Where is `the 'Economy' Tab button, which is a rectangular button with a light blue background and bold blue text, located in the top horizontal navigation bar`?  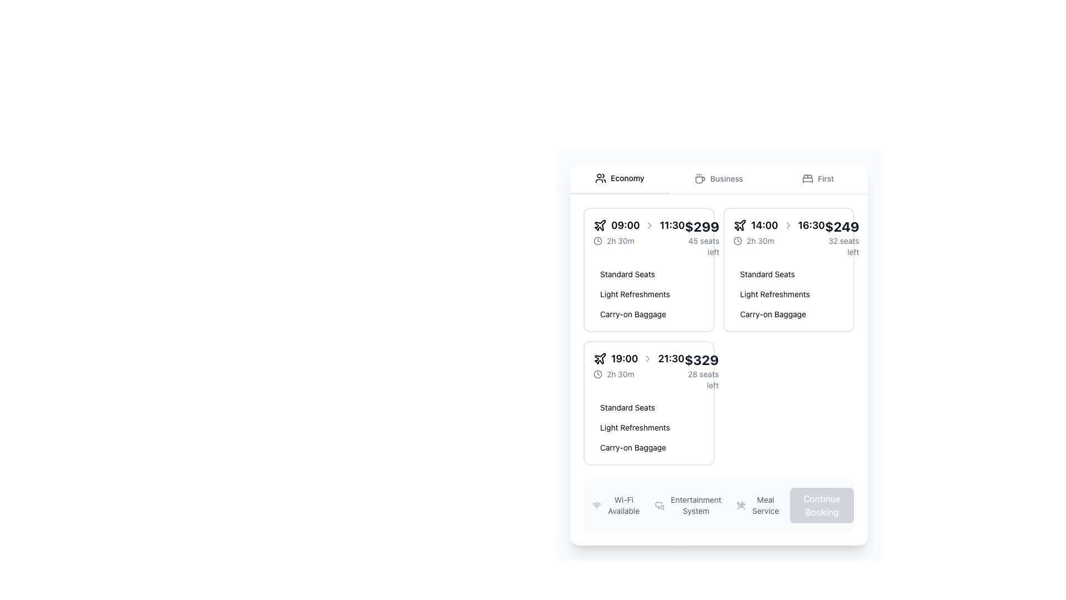 the 'Economy' Tab button, which is a rectangular button with a light blue background and bold blue text, located in the top horizontal navigation bar is located at coordinates (619, 178).